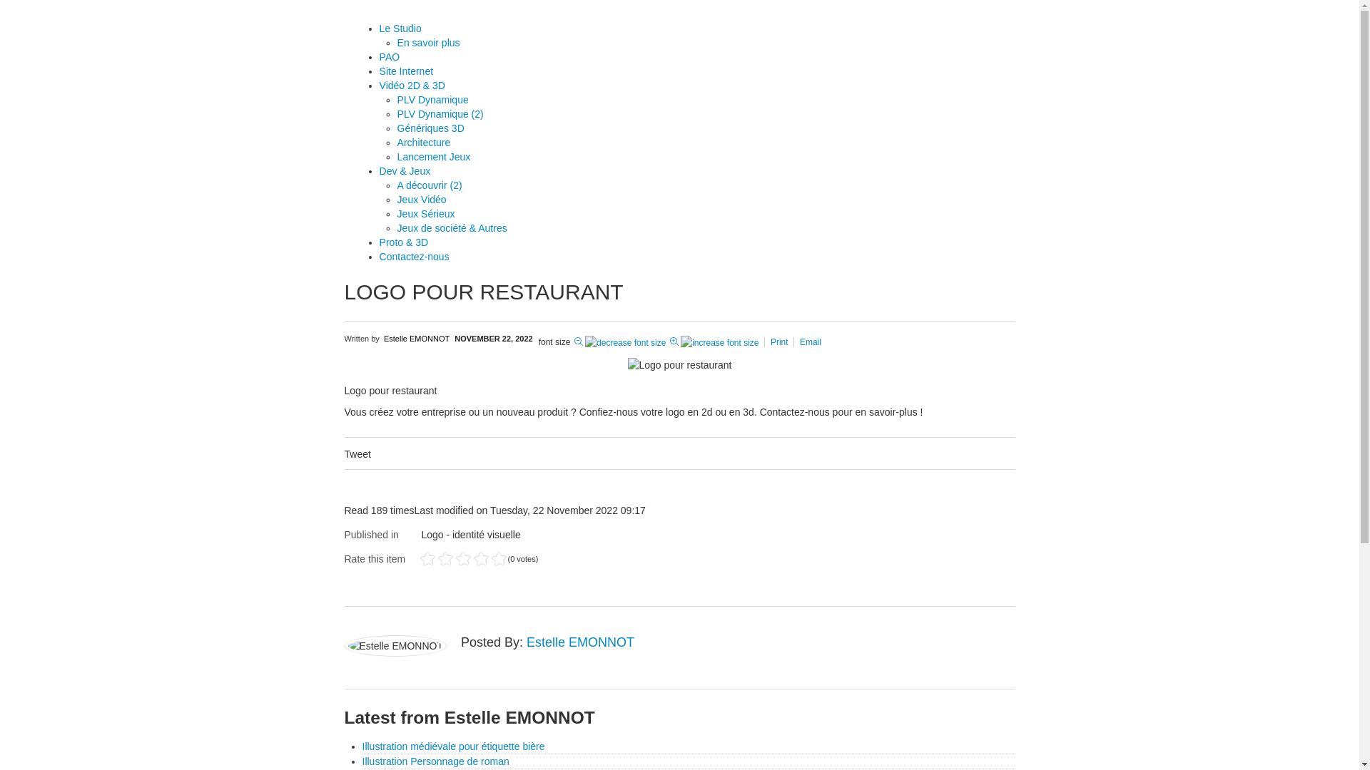 The width and height of the screenshot is (1370, 770). Describe the element at coordinates (462, 558) in the screenshot. I see `'5'` at that location.